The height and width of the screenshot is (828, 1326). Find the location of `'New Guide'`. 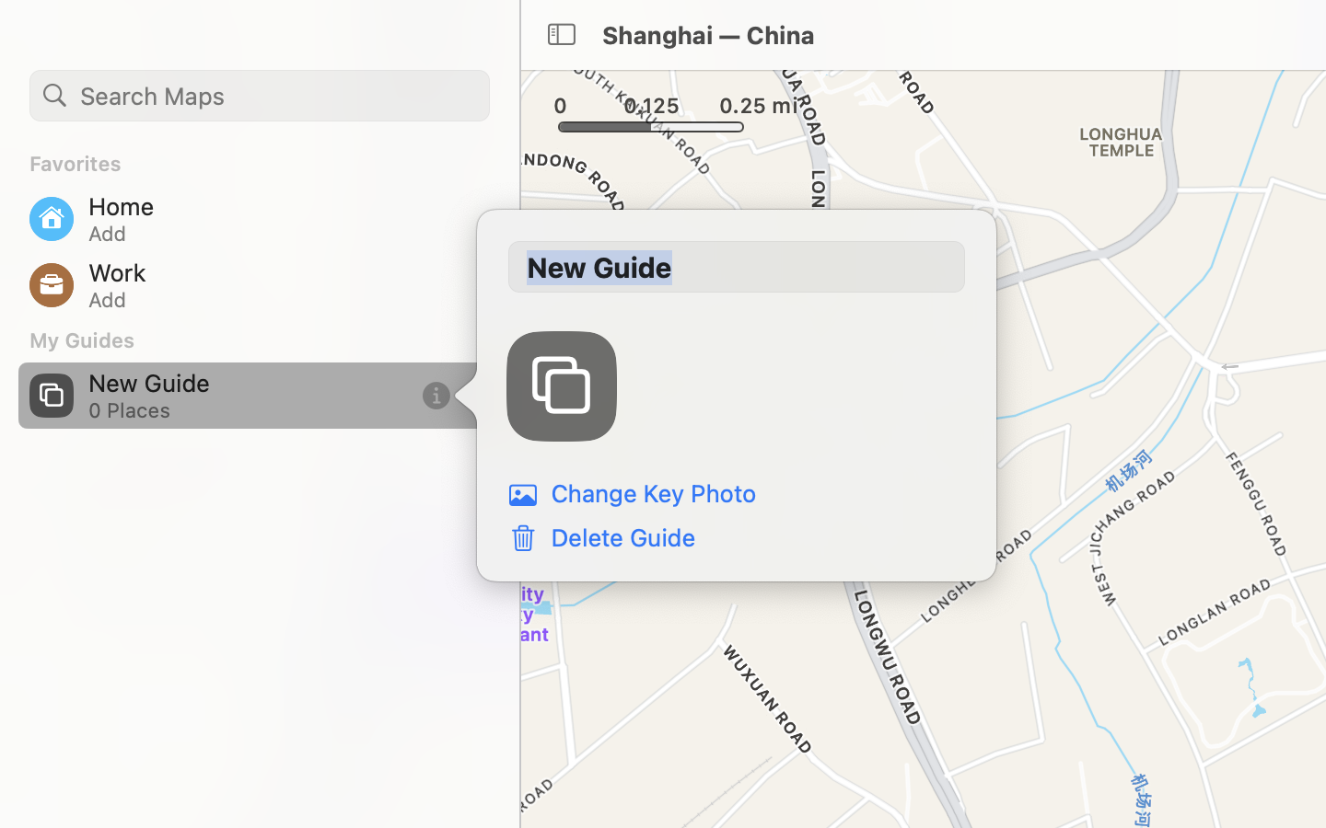

'New Guide' is located at coordinates (737, 265).